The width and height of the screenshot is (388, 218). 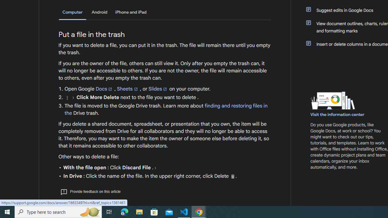 I want to click on 'Visit the information center', so click(x=337, y=114).